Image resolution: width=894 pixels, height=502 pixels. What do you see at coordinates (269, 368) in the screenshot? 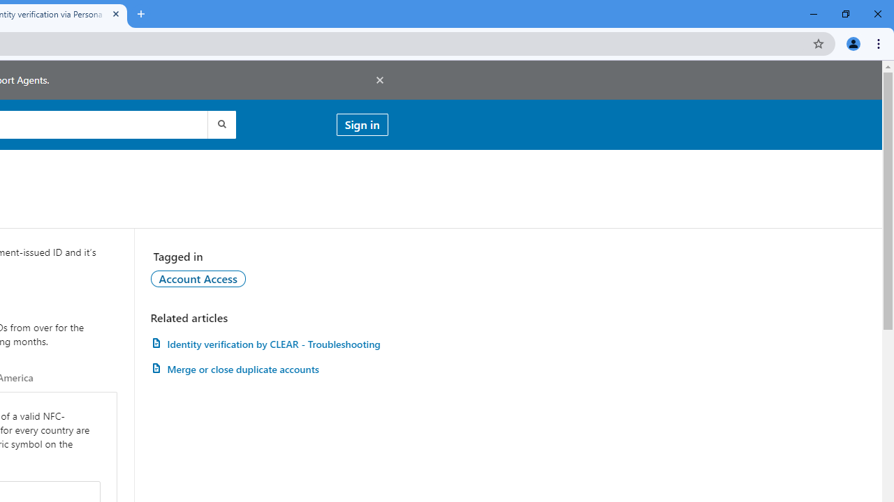
I see `'Merge or close duplicate accounts'` at bounding box center [269, 368].